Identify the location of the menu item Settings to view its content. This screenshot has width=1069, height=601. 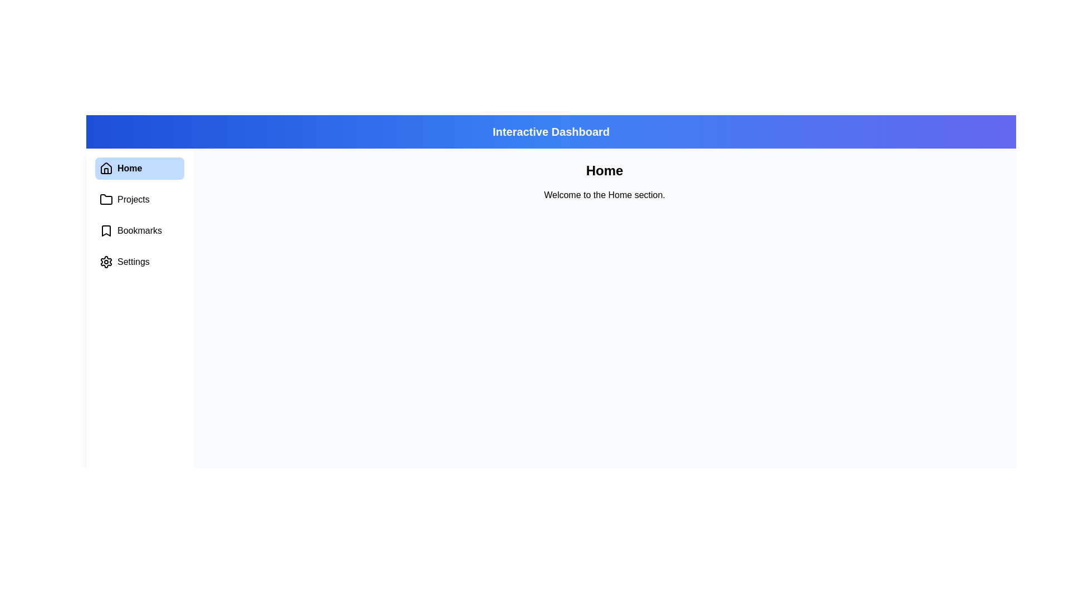
(139, 262).